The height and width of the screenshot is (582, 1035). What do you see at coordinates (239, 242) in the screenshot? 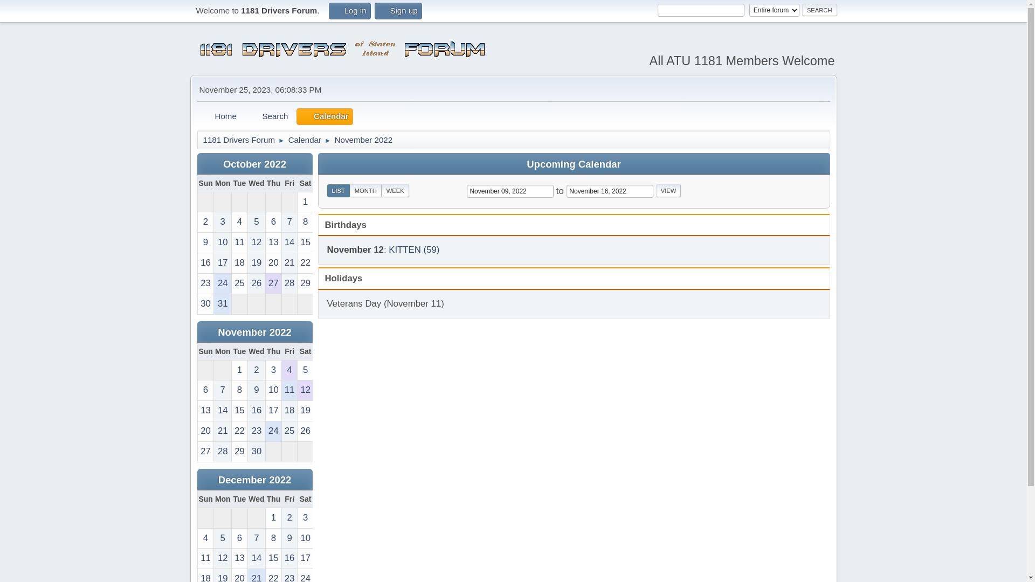
I see `'11'` at bounding box center [239, 242].